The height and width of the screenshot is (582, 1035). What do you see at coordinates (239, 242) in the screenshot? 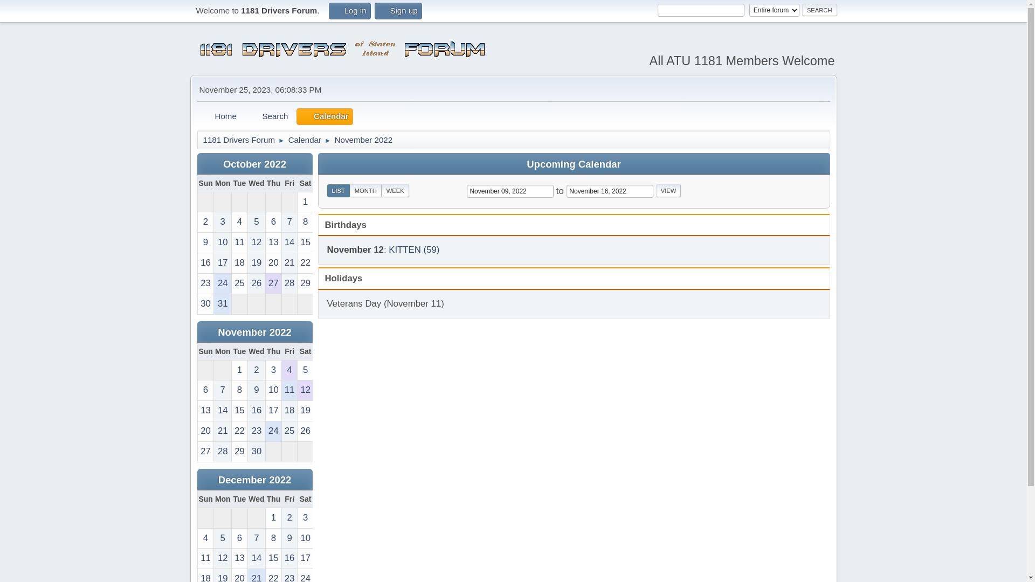
I see `'11'` at bounding box center [239, 242].